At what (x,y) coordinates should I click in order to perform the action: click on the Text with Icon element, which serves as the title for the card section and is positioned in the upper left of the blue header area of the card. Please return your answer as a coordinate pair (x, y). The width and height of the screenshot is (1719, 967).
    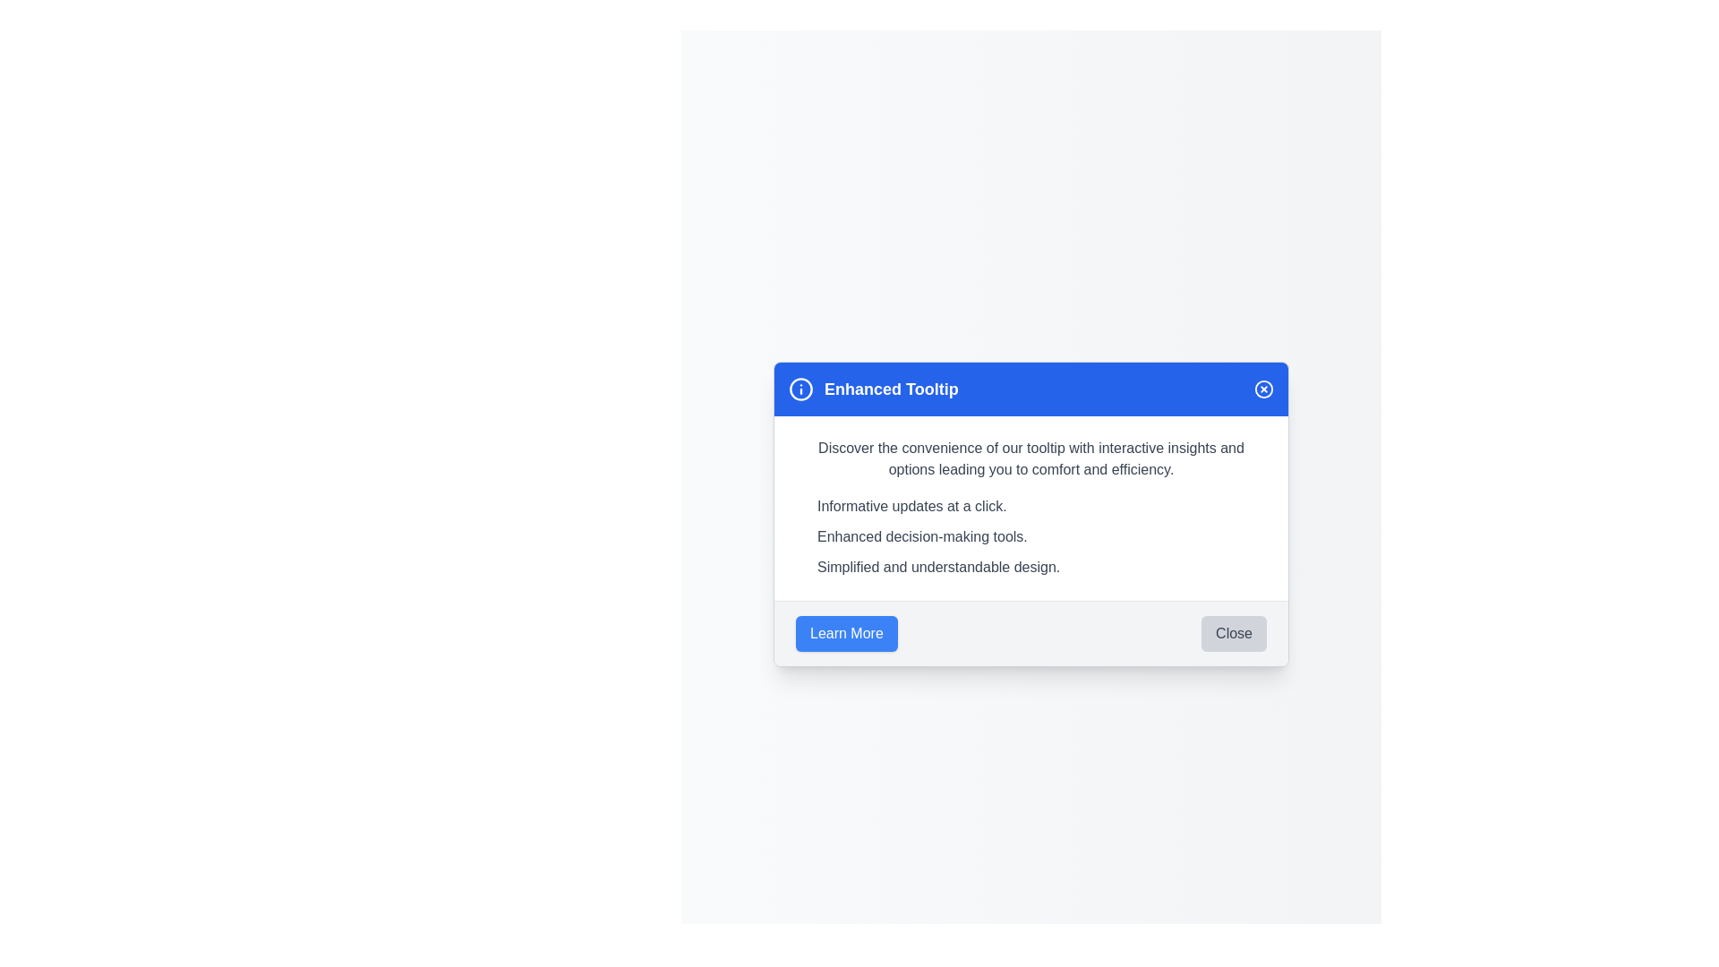
    Looking at the image, I should click on (873, 388).